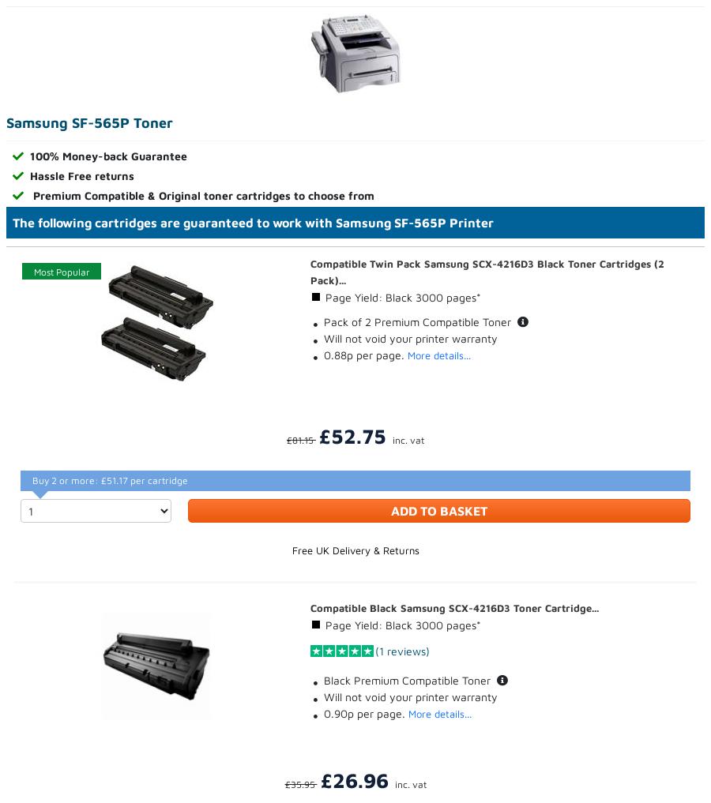  I want to click on '* Buy 2 Get 1 Free offer applies to selected compatible', so click(147, 500).